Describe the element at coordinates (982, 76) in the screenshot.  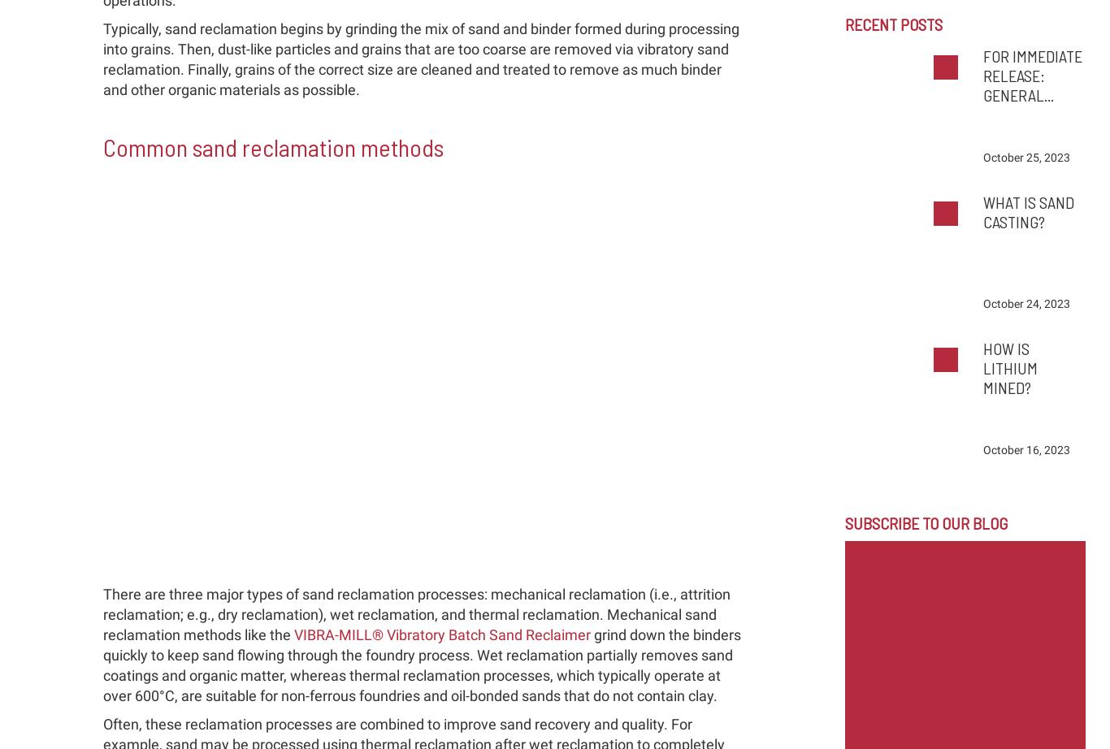
I see `'FOR IMMEDIATE RELEASE: General...'` at that location.